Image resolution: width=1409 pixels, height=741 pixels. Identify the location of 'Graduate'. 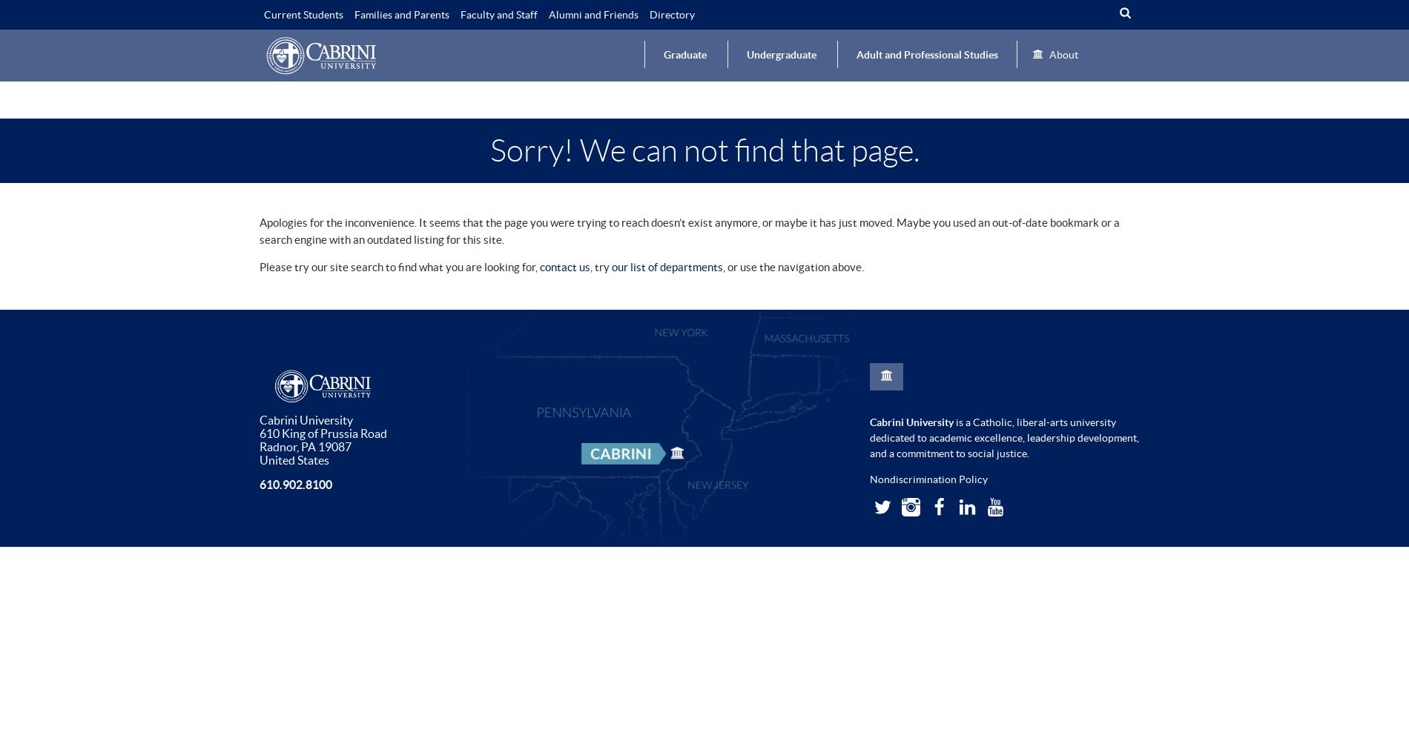
(685, 54).